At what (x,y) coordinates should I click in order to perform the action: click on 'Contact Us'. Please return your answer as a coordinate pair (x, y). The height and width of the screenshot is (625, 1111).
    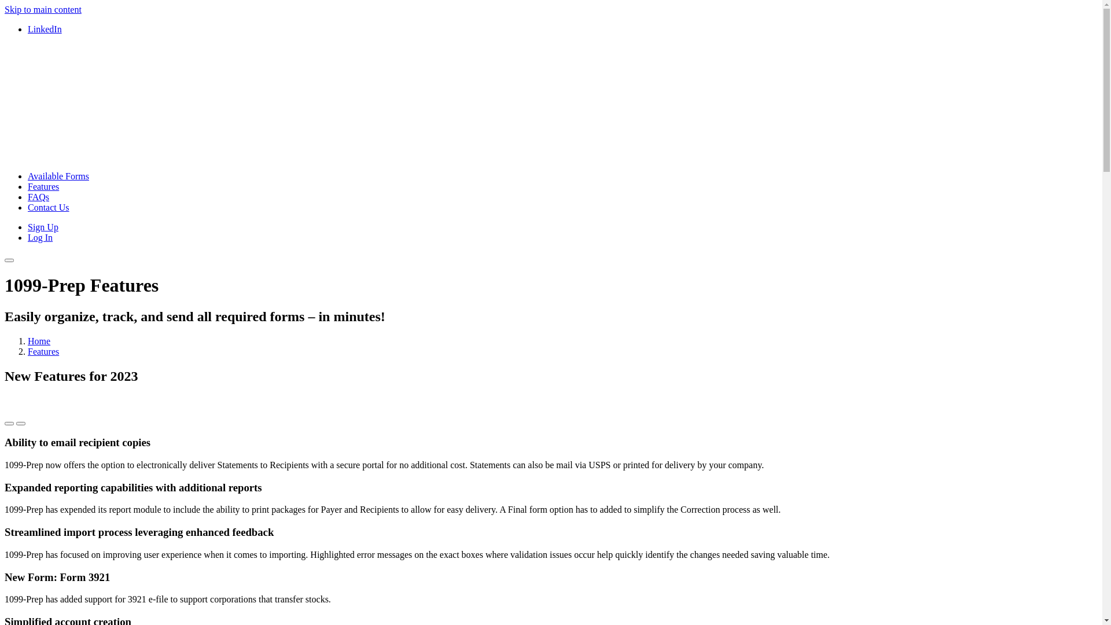
    Looking at the image, I should click on (47, 207).